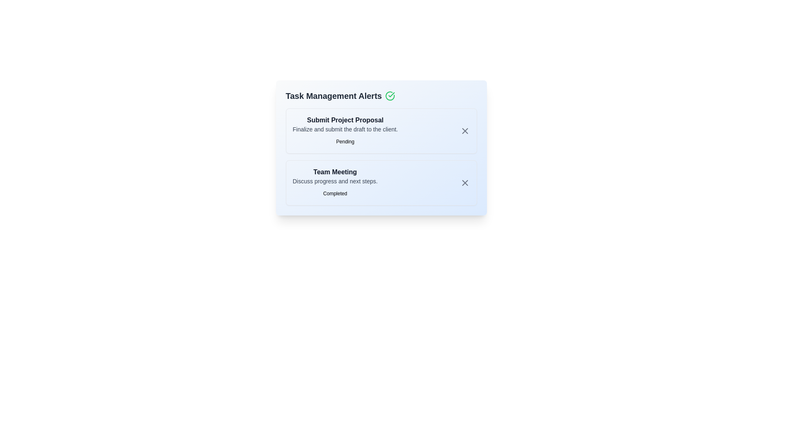 This screenshot has height=445, width=791. What do you see at coordinates (465, 130) in the screenshot?
I see `'X' button next to the task titled 'Submit Project Proposal' to dismiss it` at bounding box center [465, 130].